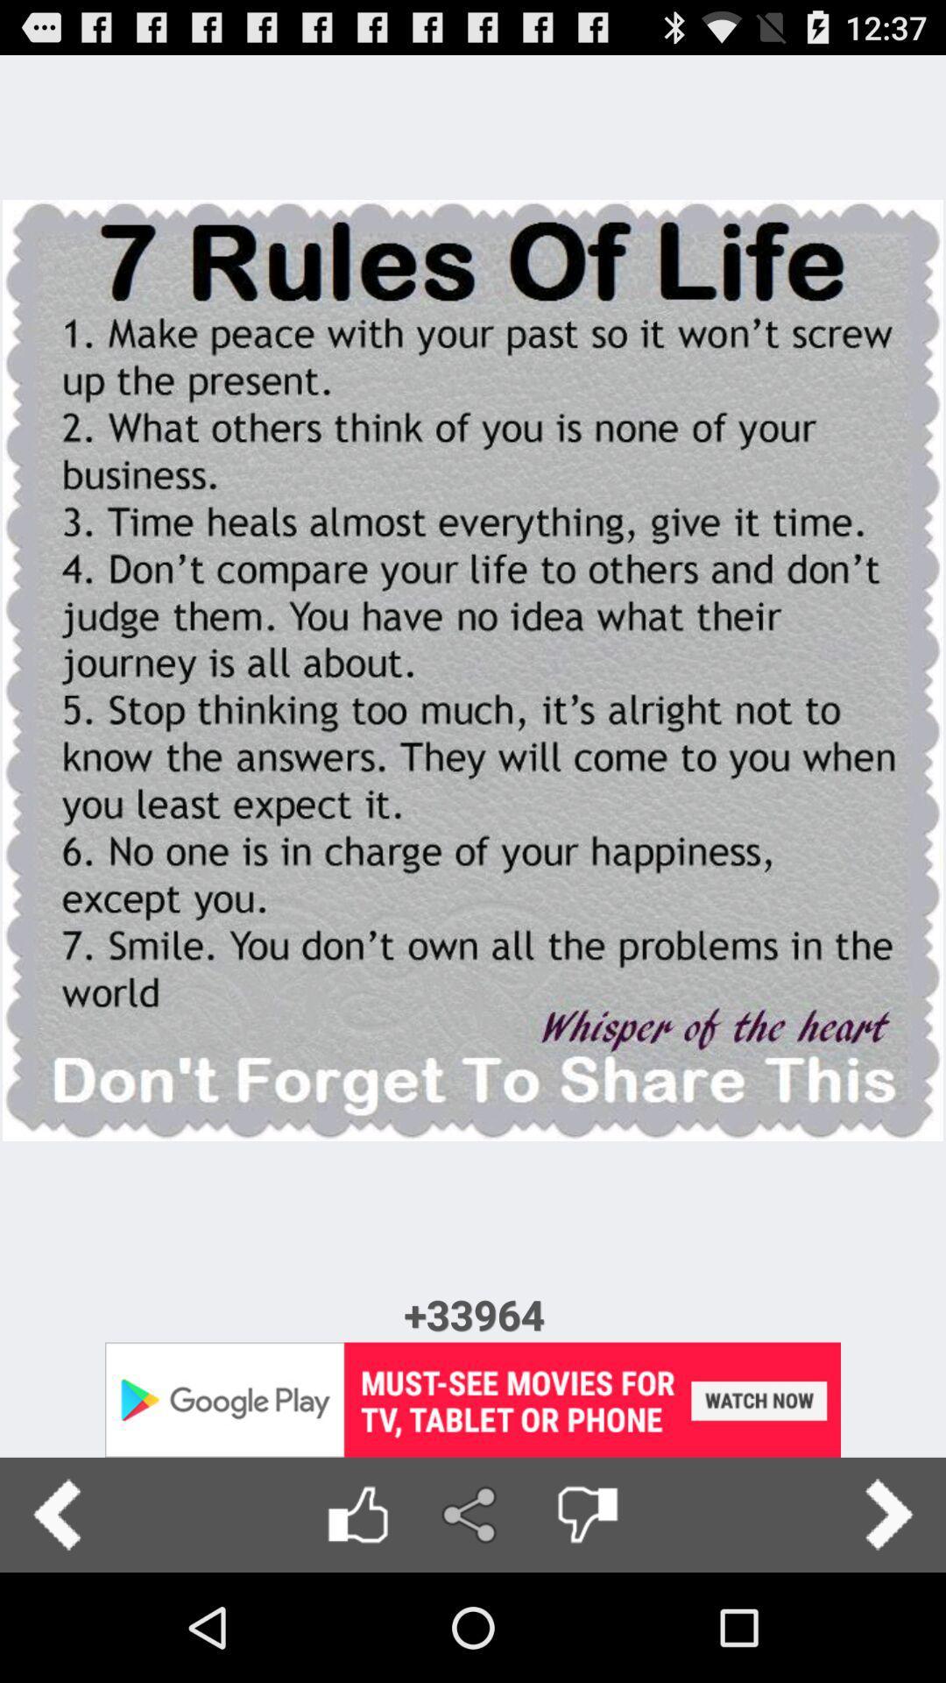 Image resolution: width=946 pixels, height=1683 pixels. Describe the element at coordinates (888, 1514) in the screenshot. I see `the next` at that location.